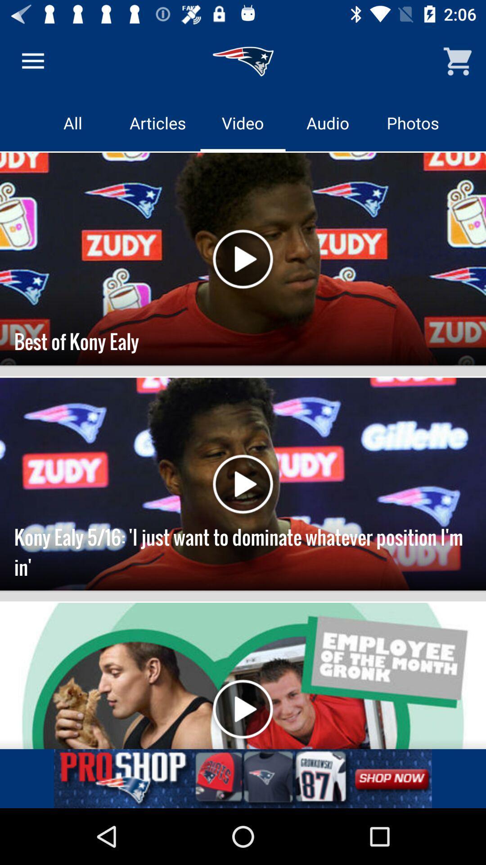 This screenshot has height=865, width=486. I want to click on advertiser banner, so click(243, 778).